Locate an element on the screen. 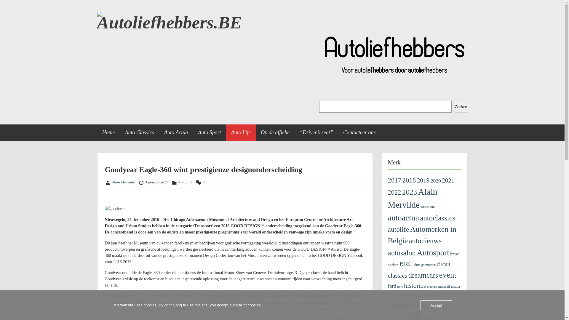 This screenshot has width=569, height=320. 'boeken' is located at coordinates (393, 265).